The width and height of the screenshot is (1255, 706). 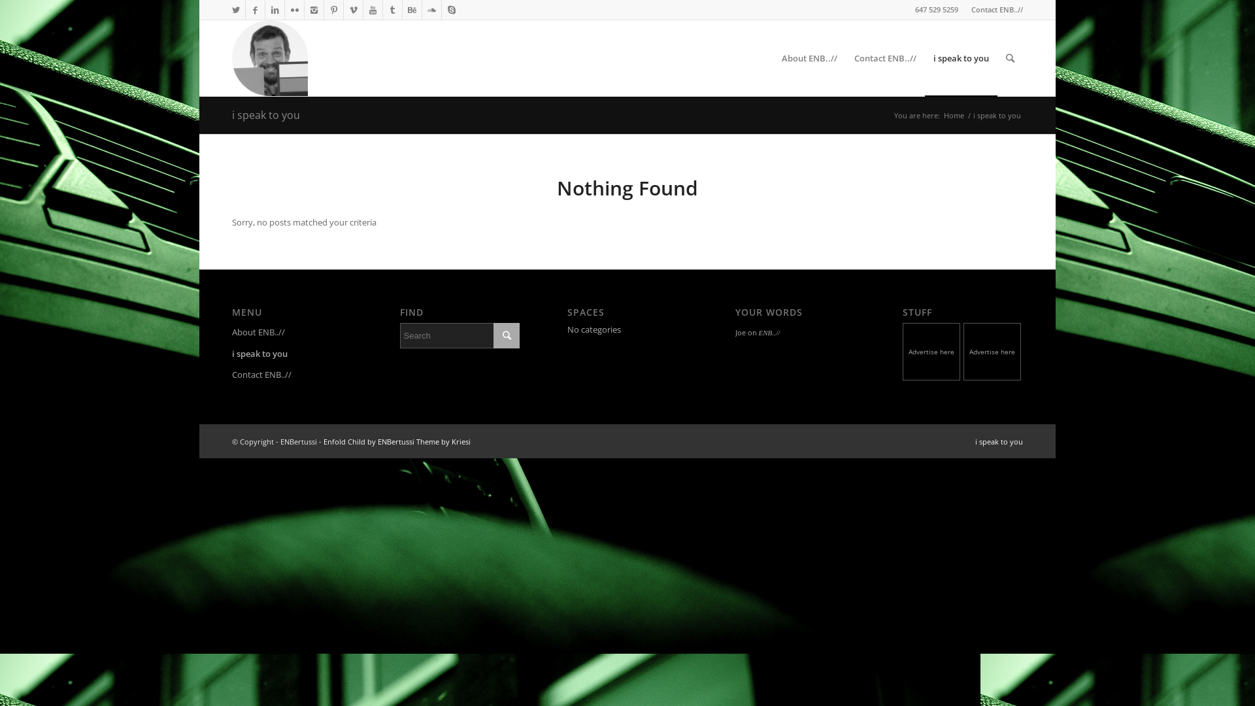 What do you see at coordinates (353, 10) in the screenshot?
I see `'Vimeo'` at bounding box center [353, 10].